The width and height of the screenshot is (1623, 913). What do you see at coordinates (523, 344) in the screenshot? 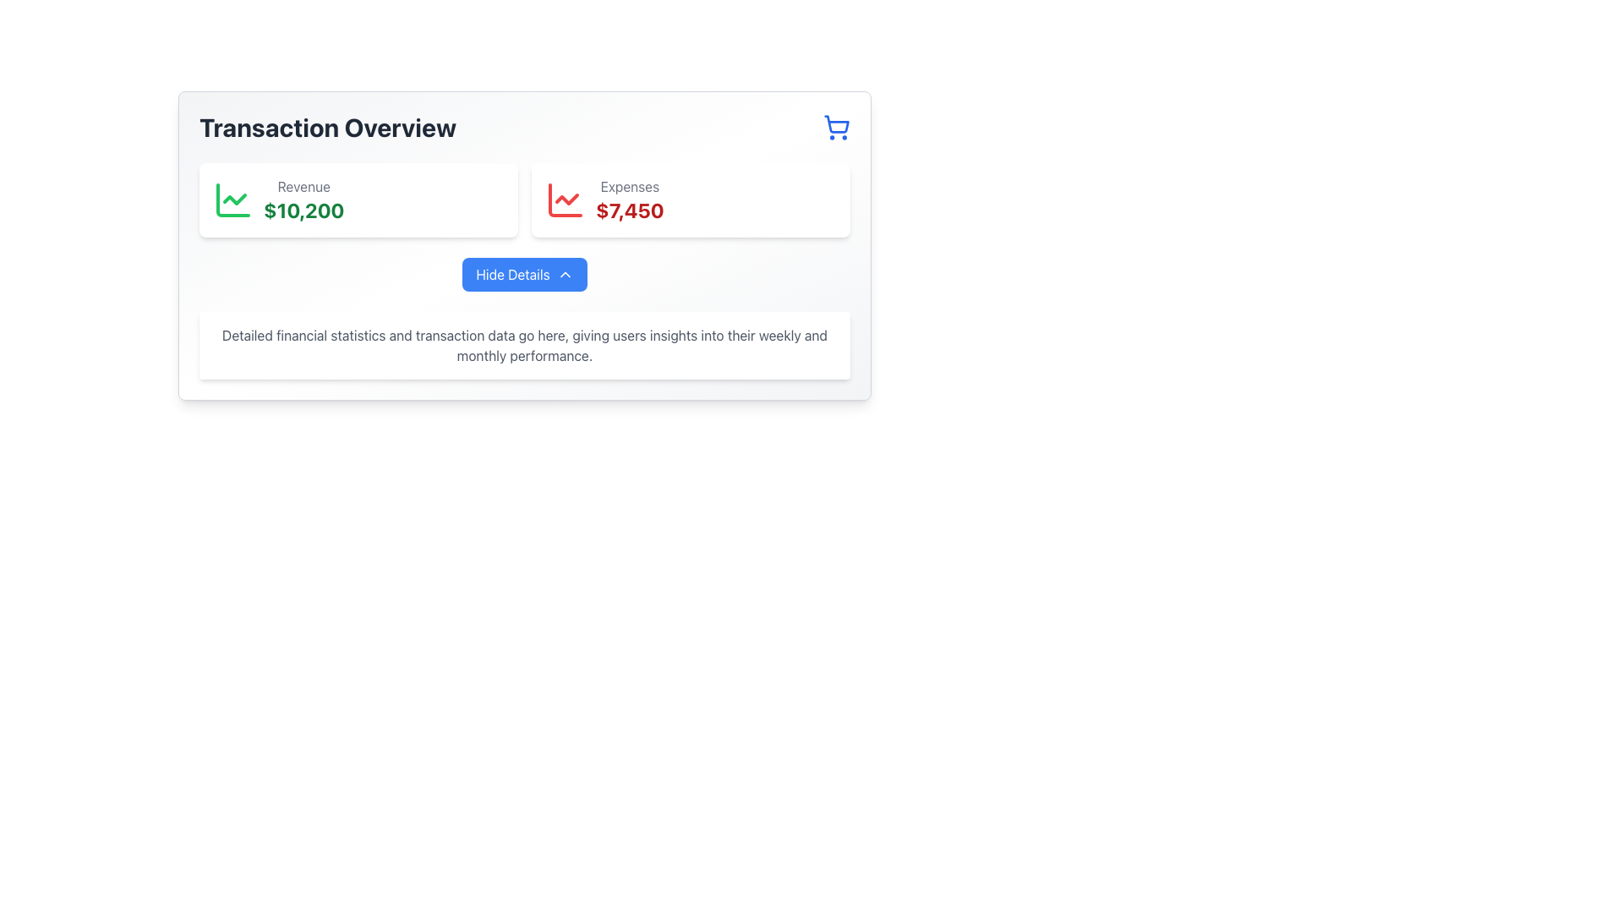
I see `the Text Block providing descriptive information about financial statistics and data, located below the 'Hide Details' button and aligned centrally in the interface` at bounding box center [523, 344].